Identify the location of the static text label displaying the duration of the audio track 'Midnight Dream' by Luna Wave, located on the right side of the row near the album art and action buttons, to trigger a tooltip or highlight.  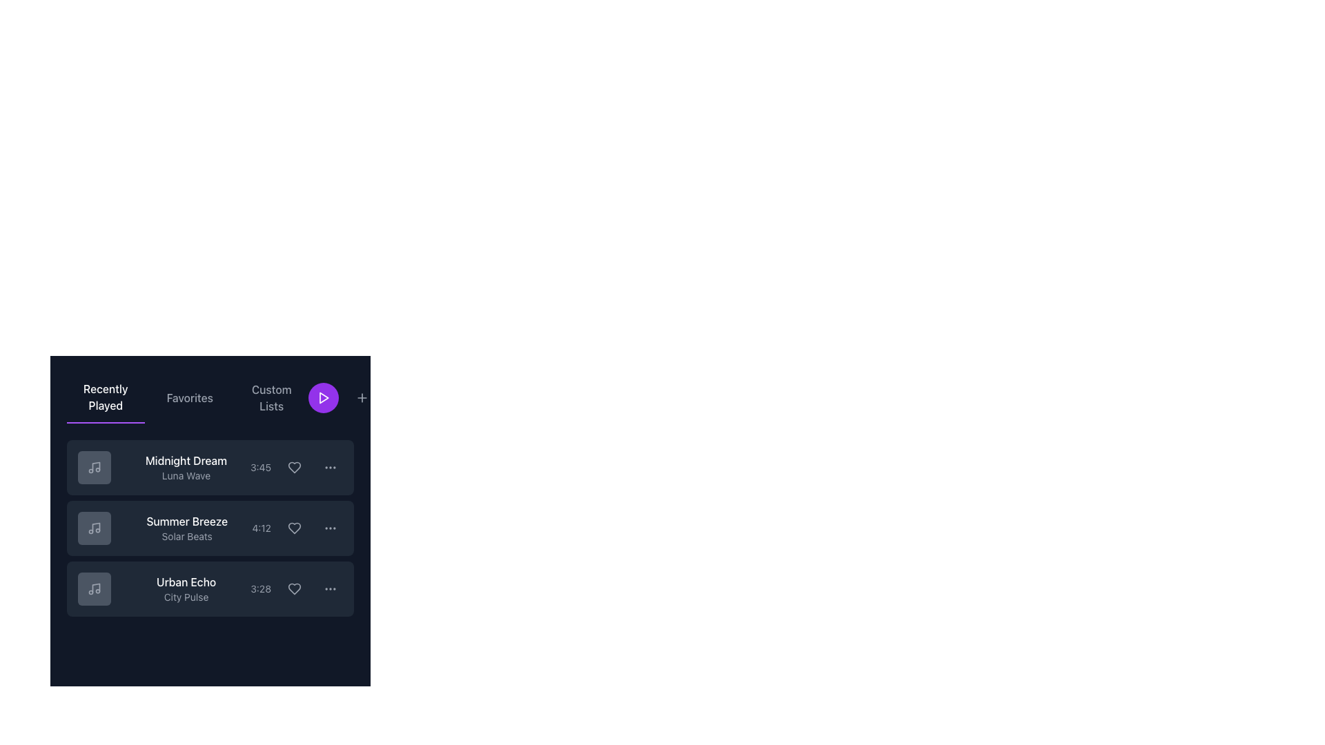
(261, 467).